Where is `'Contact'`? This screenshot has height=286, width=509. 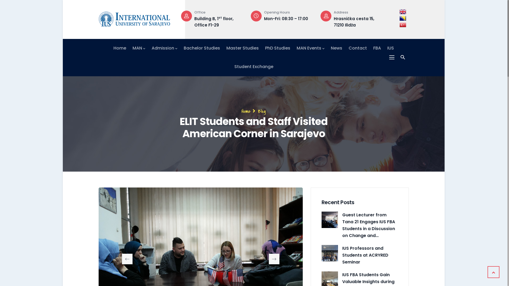
'Contact' is located at coordinates (358, 48).